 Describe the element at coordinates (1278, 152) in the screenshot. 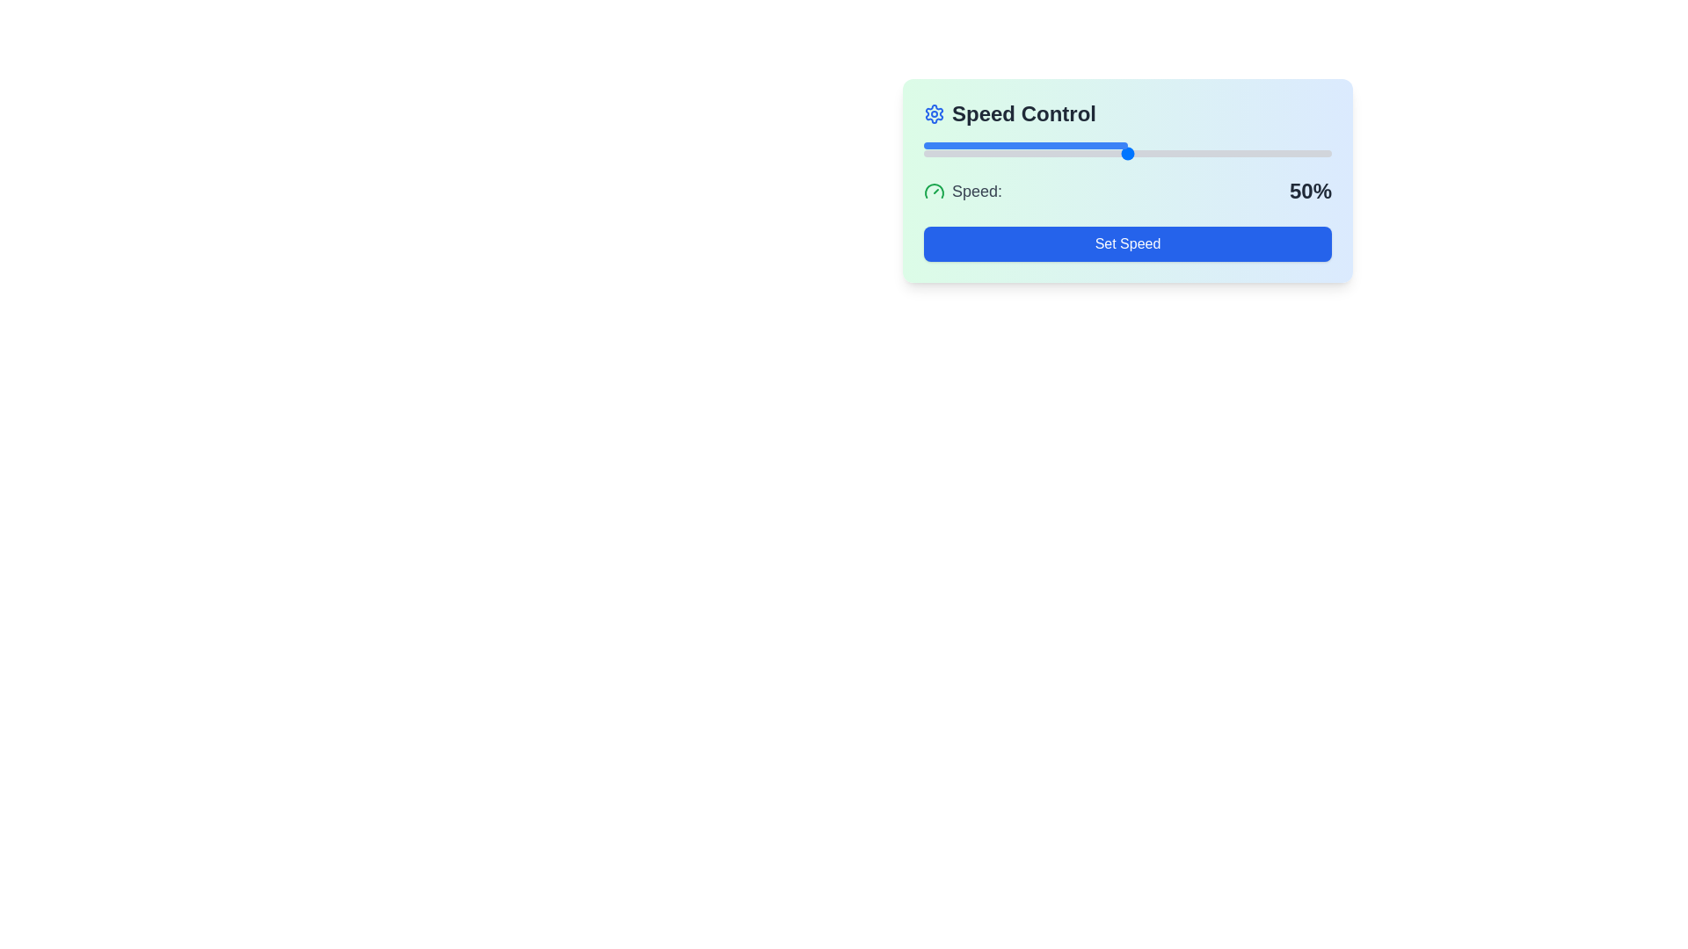

I see `the slider` at that location.